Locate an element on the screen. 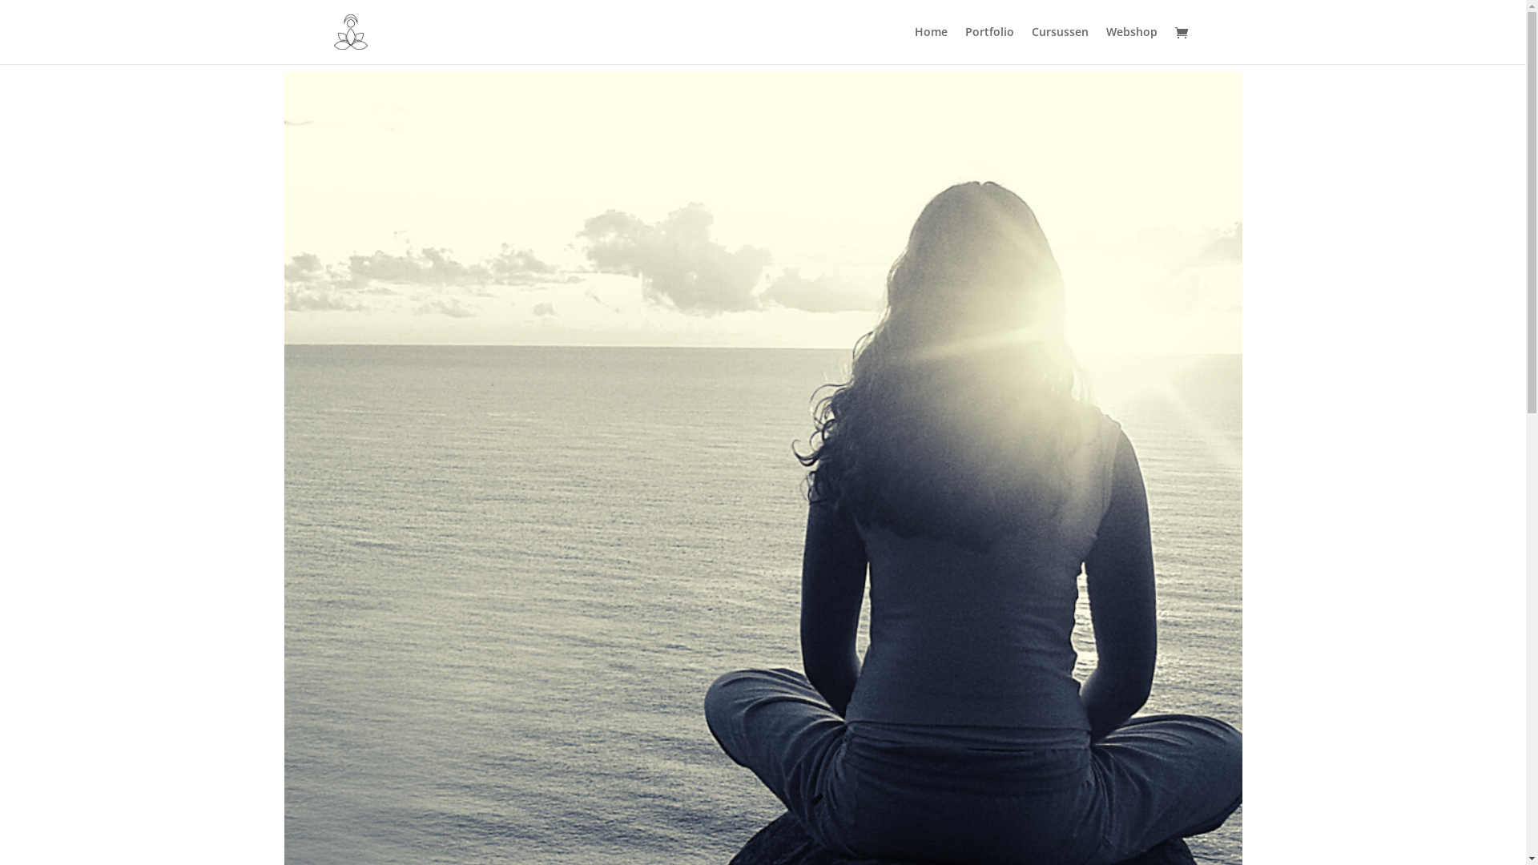 The image size is (1538, 865). 'Home' is located at coordinates (931, 44).